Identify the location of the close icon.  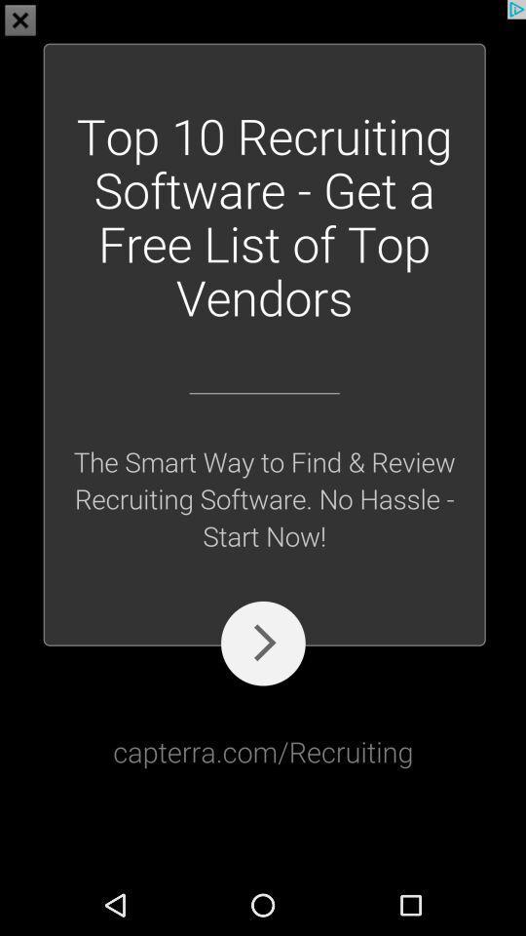
(19, 20).